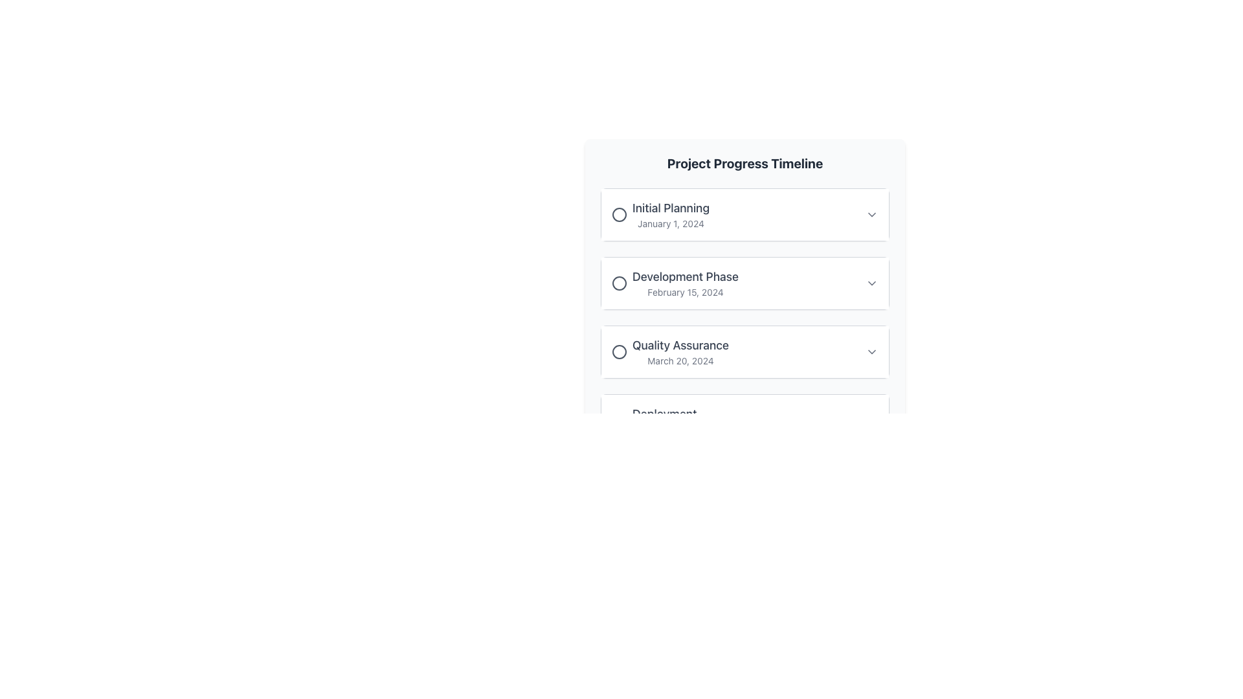  What do you see at coordinates (664, 414) in the screenshot?
I see `the 'Deployment' text label, which is styled in gray, bold font, and is positioned at the end of a vertical list representing project phases` at bounding box center [664, 414].